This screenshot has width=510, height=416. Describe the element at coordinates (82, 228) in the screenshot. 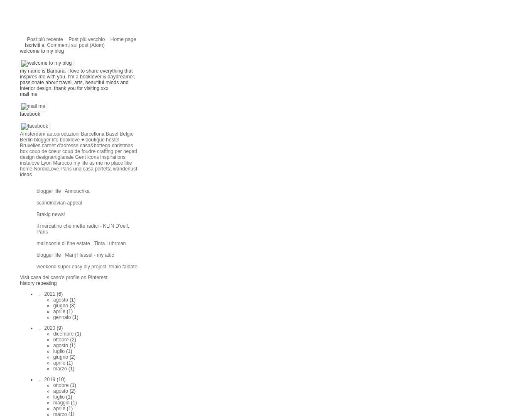

I see `'il mercatino che mette radici - KLIN D'oeil, Paris'` at that location.